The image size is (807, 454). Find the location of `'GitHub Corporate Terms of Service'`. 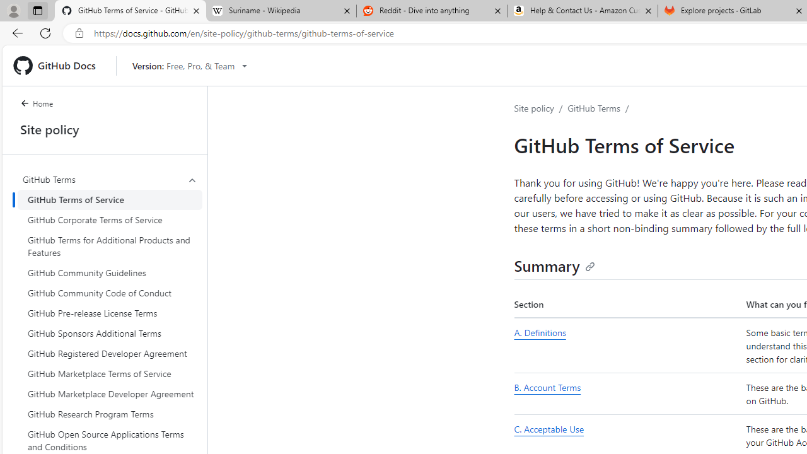

'GitHub Corporate Terms of Service' is located at coordinates (110, 219).